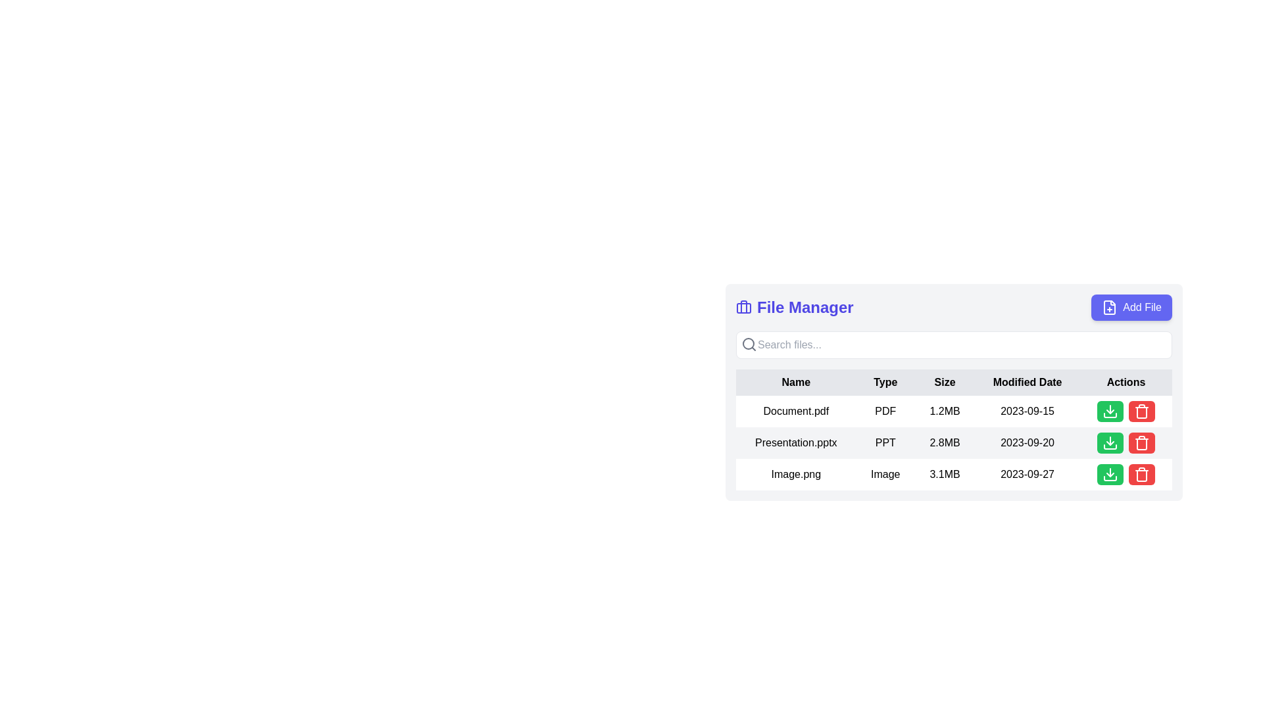 The width and height of the screenshot is (1263, 710). What do you see at coordinates (1141, 410) in the screenshot?
I see `the red button with a trash can icon in the top-right section of the 'Actions' column for the first row in the grid` at bounding box center [1141, 410].